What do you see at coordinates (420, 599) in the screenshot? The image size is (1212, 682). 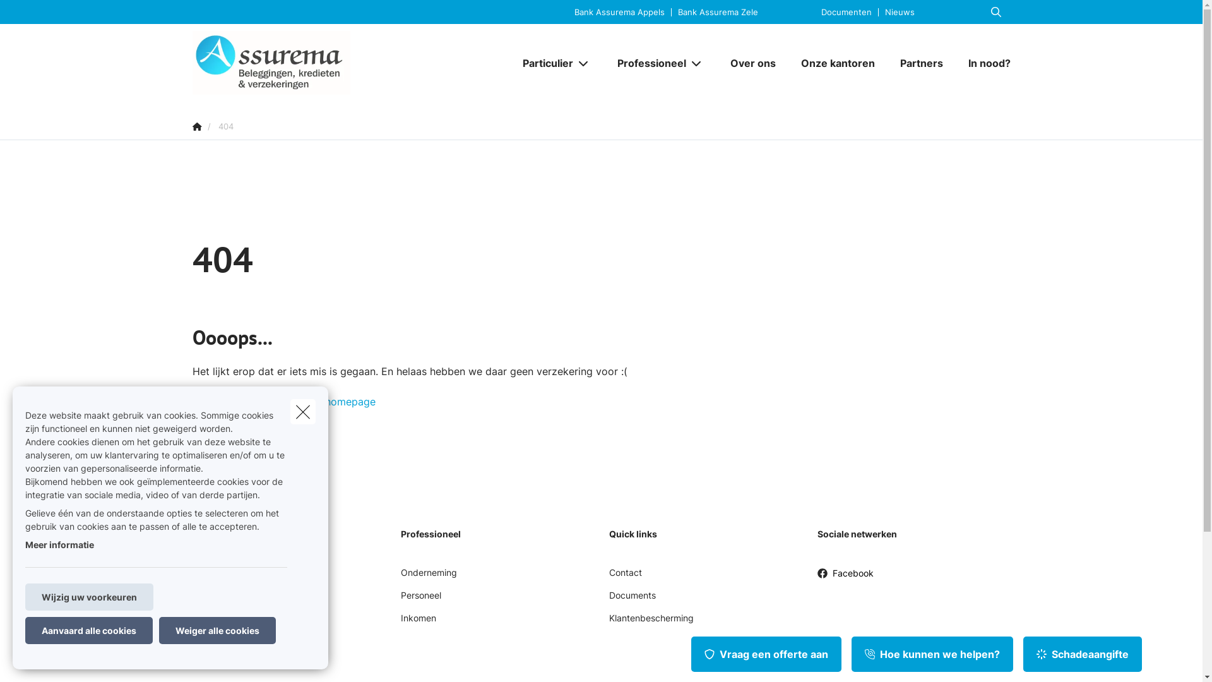 I see `'Personeel'` at bounding box center [420, 599].